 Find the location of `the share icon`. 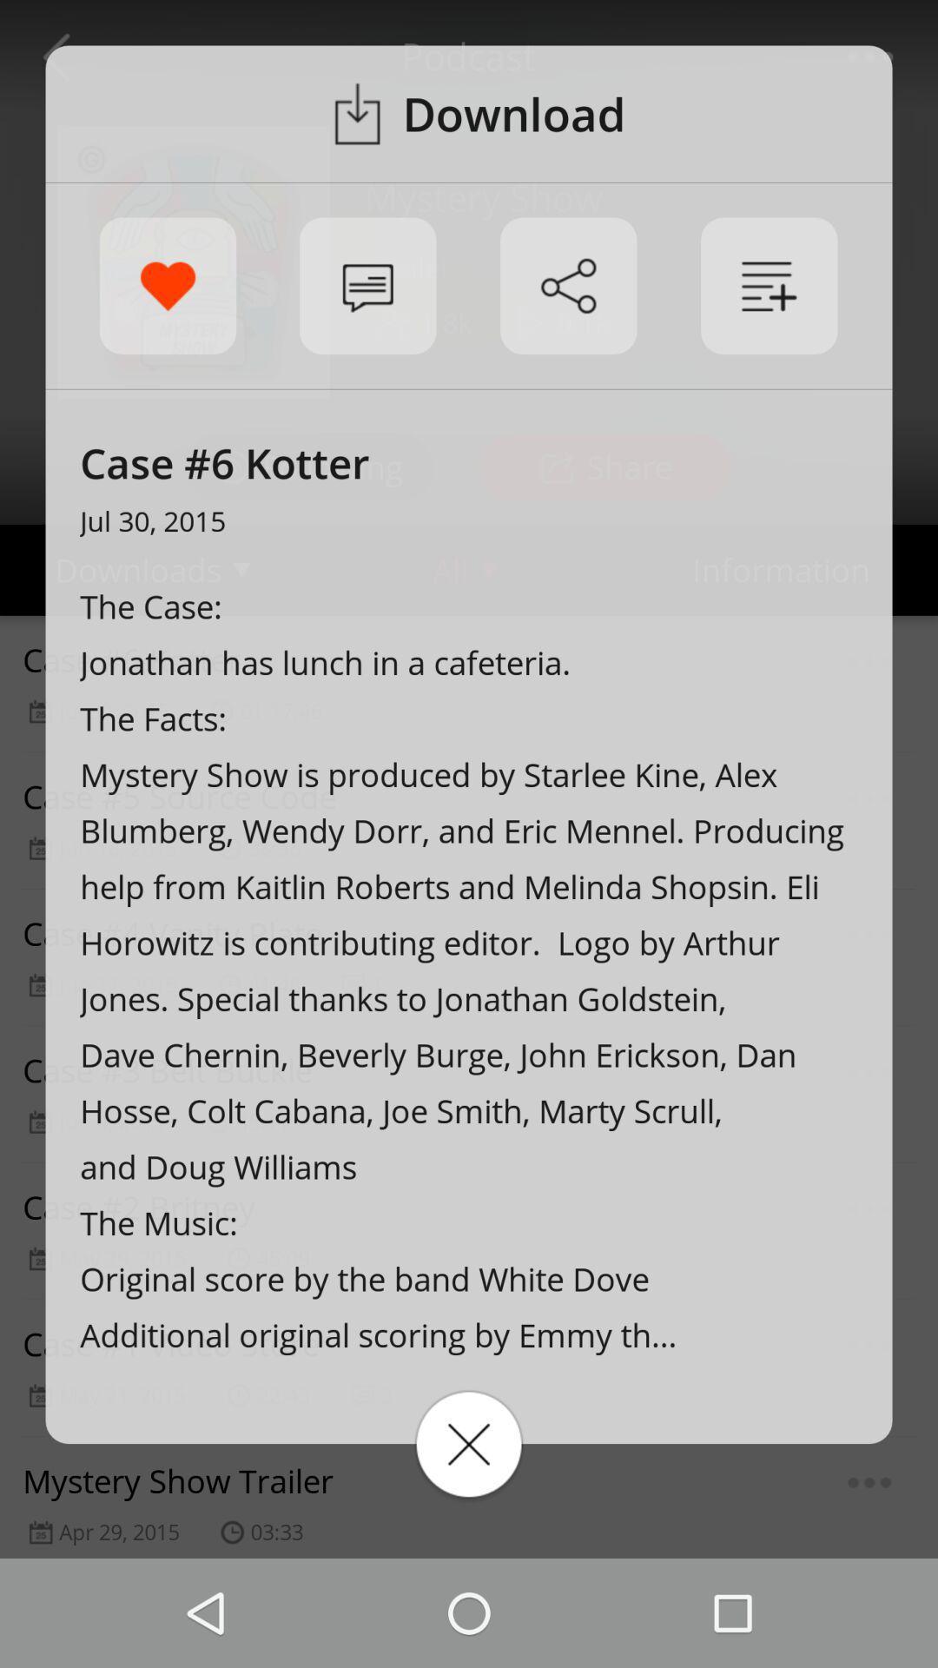

the share icon is located at coordinates (568, 306).